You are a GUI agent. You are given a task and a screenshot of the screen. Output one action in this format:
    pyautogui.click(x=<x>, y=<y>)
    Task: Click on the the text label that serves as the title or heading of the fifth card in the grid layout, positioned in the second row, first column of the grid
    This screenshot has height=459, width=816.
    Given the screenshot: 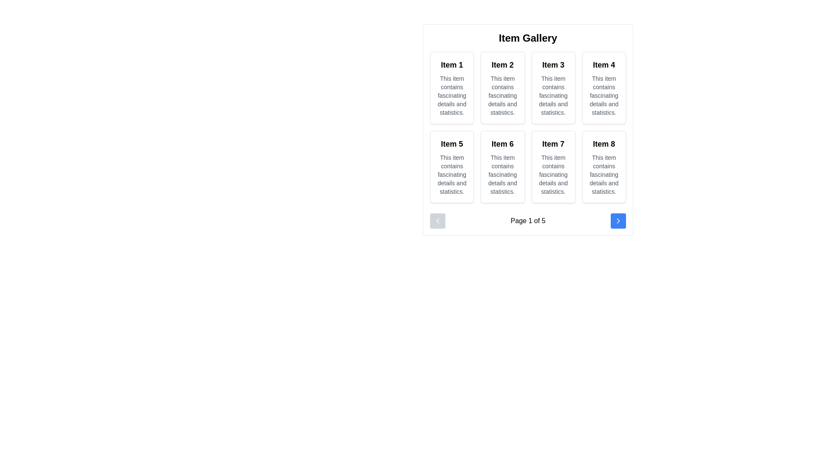 What is the action you would take?
    pyautogui.click(x=451, y=144)
    